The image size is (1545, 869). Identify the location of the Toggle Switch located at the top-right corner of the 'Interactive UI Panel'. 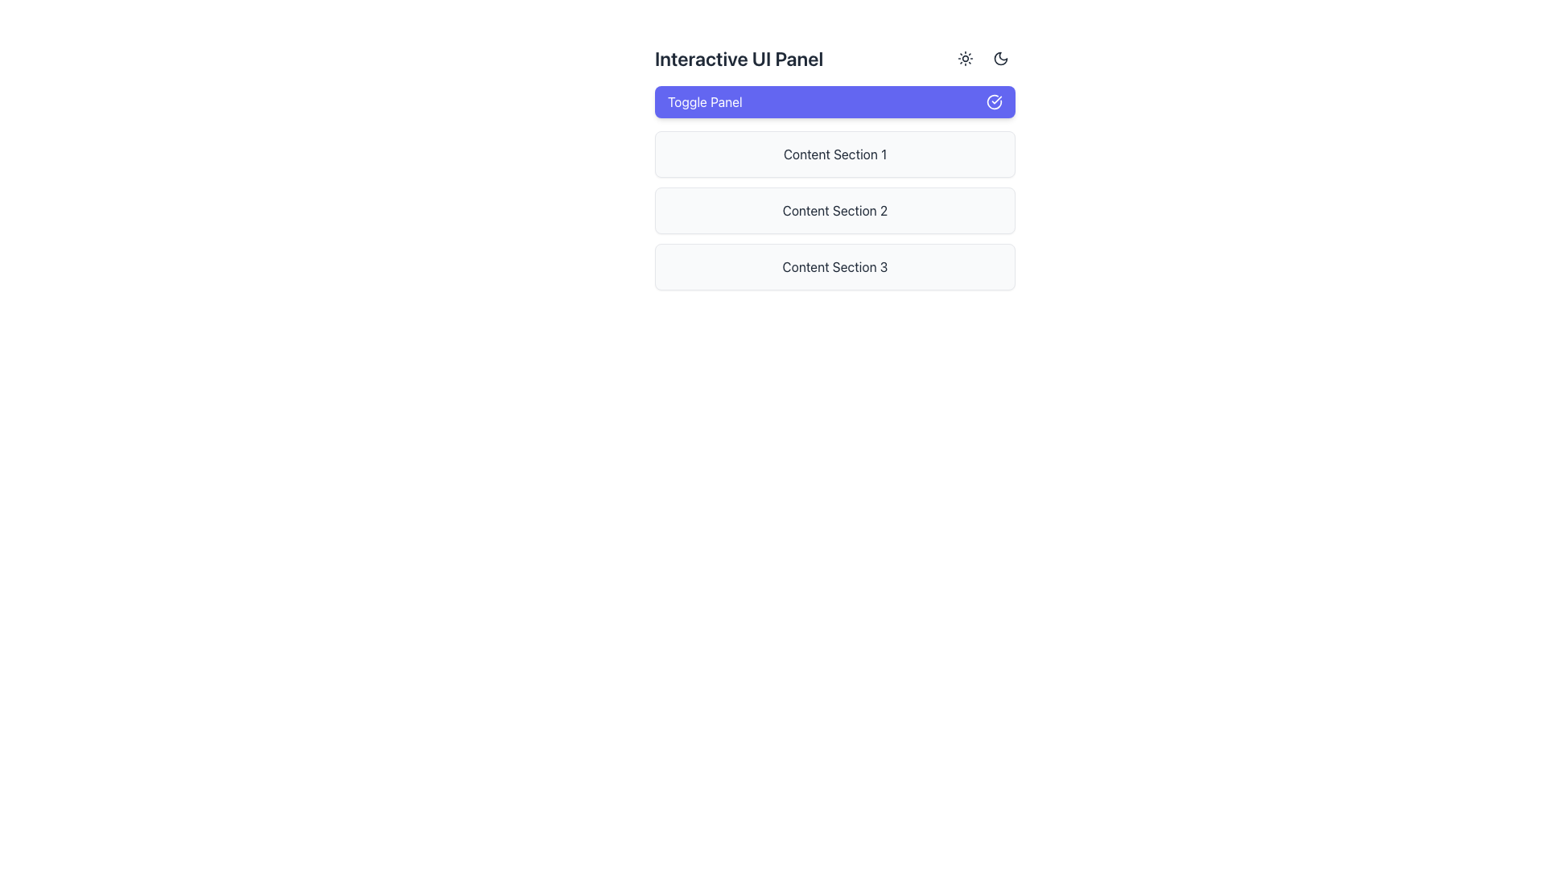
(983, 58).